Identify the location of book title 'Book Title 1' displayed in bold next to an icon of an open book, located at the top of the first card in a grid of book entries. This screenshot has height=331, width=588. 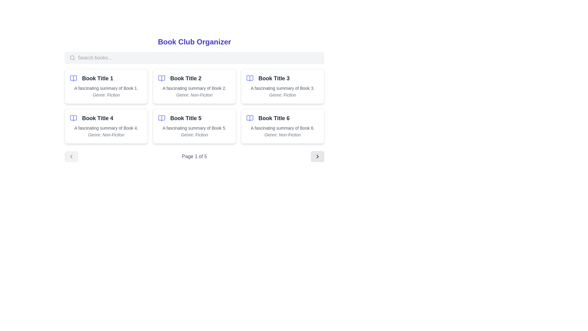
(106, 78).